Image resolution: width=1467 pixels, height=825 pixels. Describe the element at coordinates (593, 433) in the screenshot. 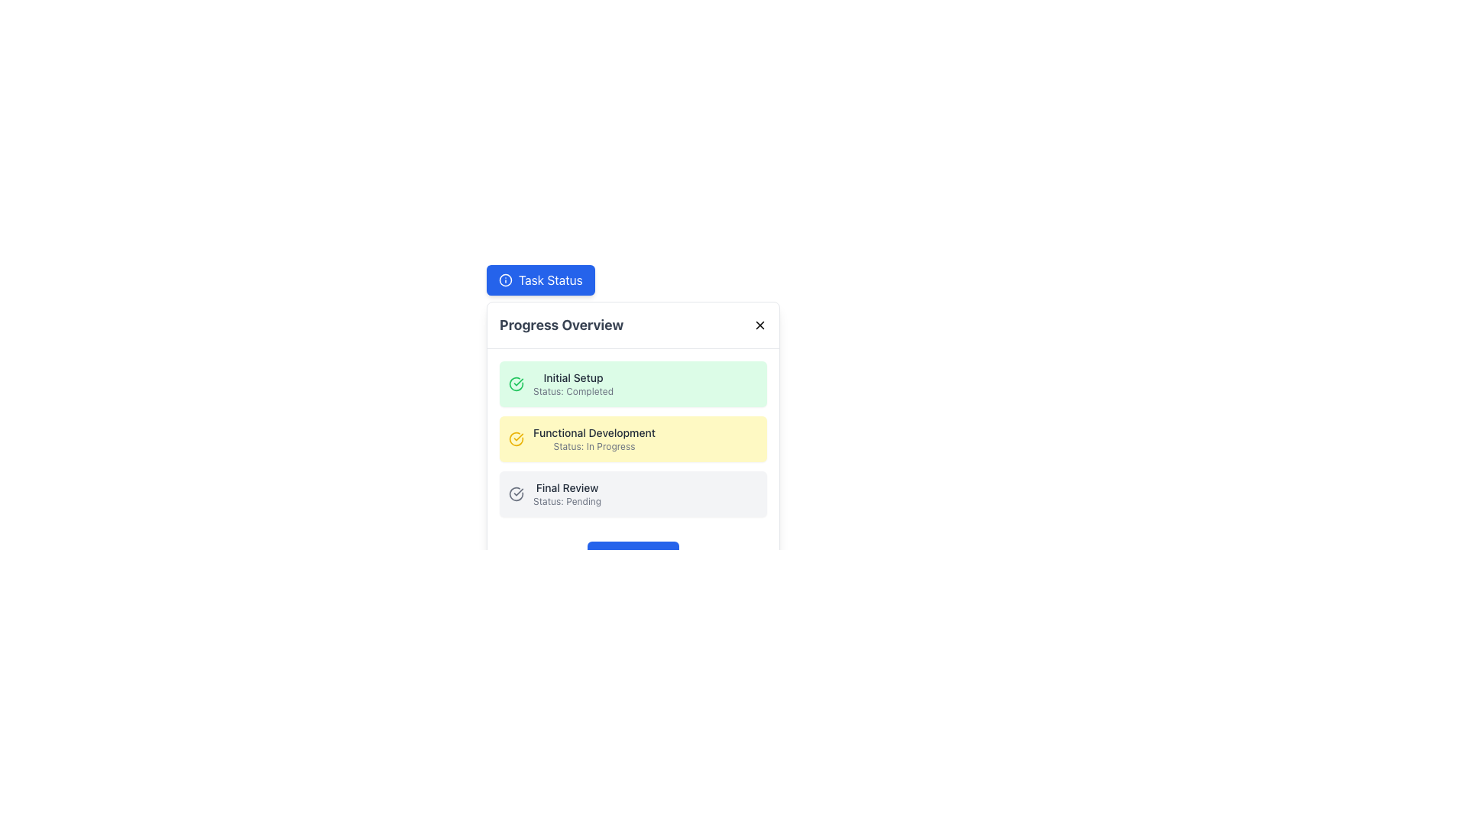

I see `the text label reading 'Functional Development' which is styled in dark gray on a light yellow background, located centrally in the interface` at that location.